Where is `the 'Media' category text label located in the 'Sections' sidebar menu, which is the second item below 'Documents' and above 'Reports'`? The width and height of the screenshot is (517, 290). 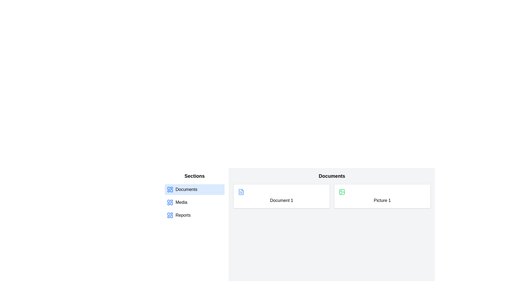 the 'Media' category text label located in the 'Sections' sidebar menu, which is the second item below 'Documents' and above 'Reports' is located at coordinates (181, 202).